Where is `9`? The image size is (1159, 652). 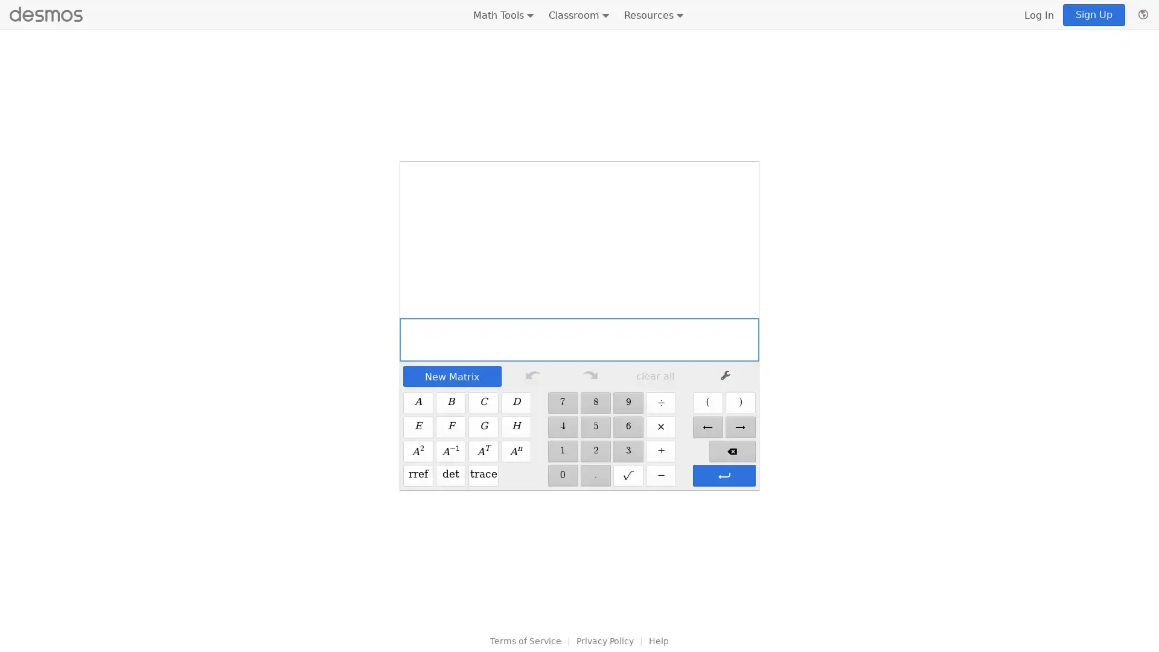
9 is located at coordinates (628, 403).